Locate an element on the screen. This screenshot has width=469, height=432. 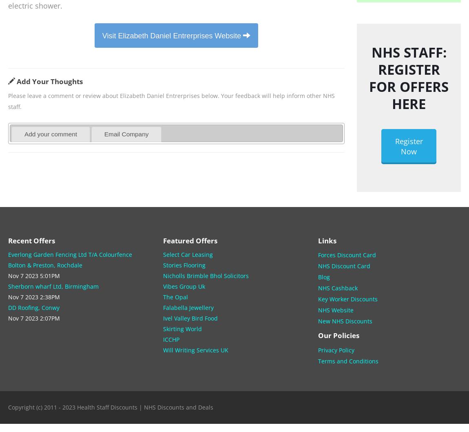
'ICCHP' is located at coordinates (171, 339).